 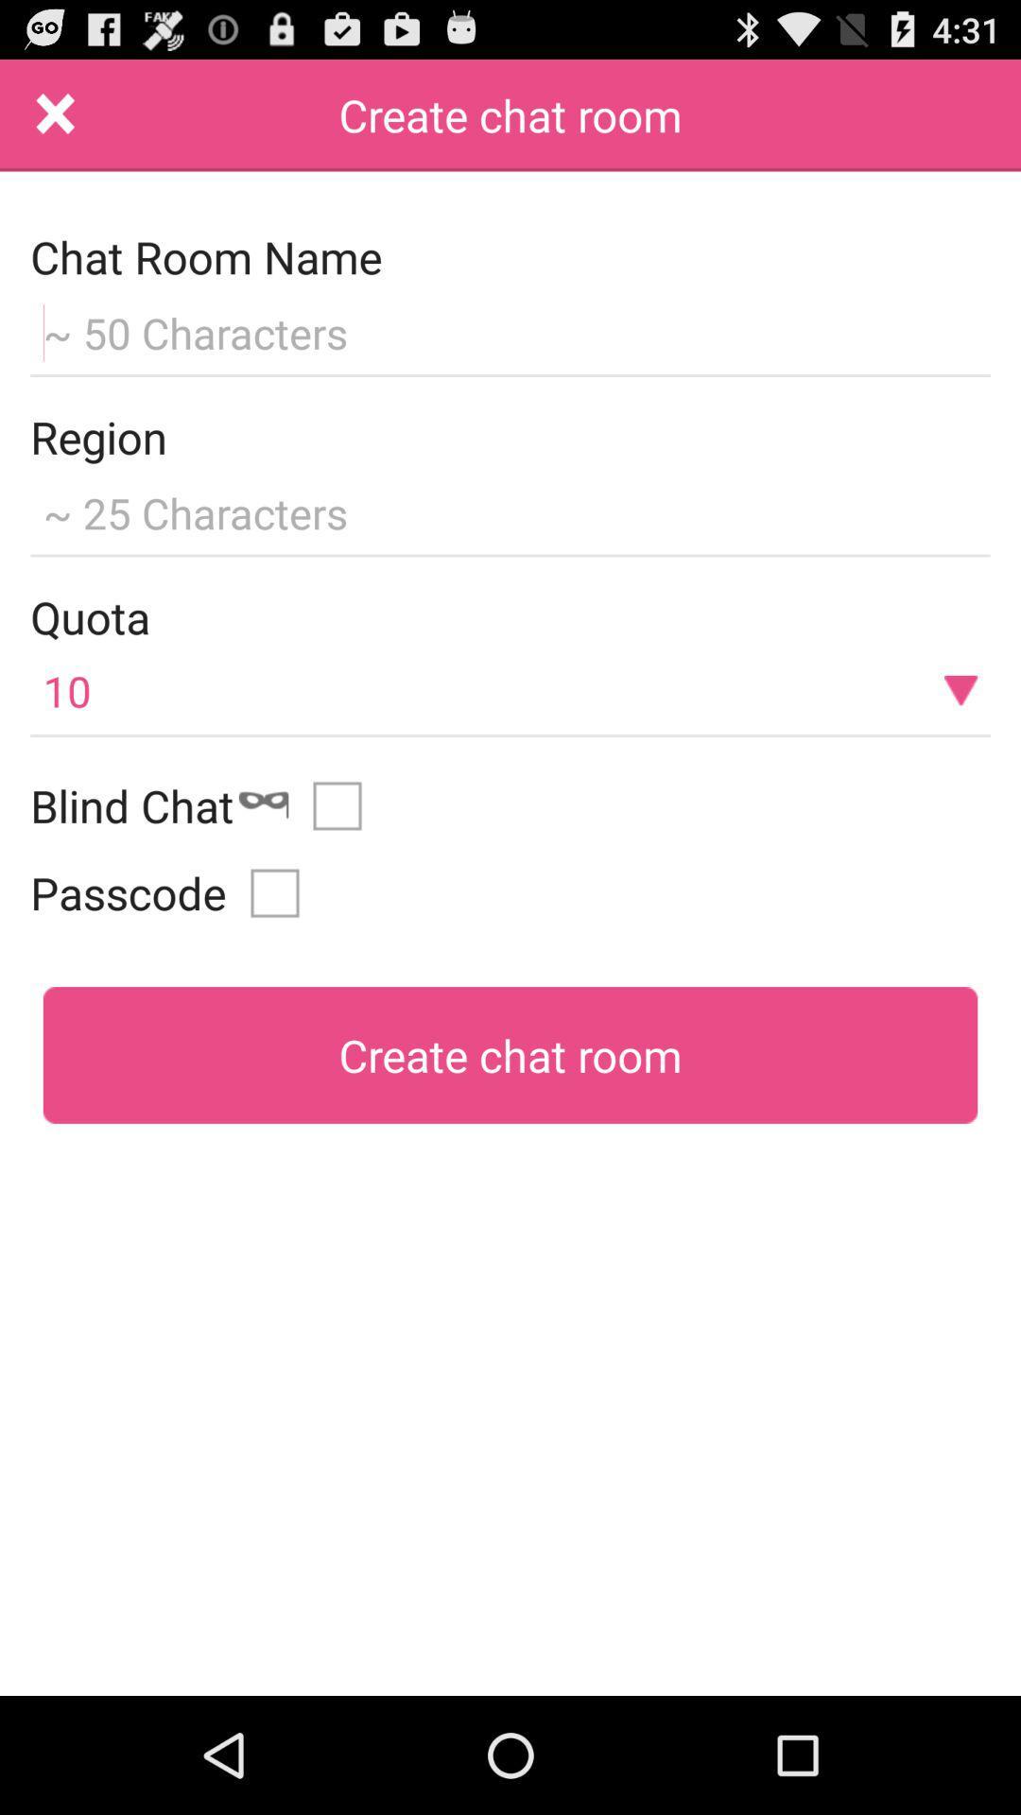 I want to click on region, so click(x=510, y=510).